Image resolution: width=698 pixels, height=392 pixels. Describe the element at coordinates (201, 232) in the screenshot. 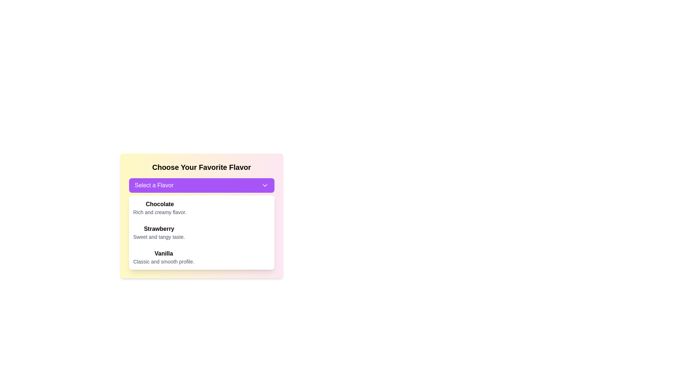

I see `the second flavor option in the list, which is positioned beneath the Chocolate option and above the Vanilla option` at that location.